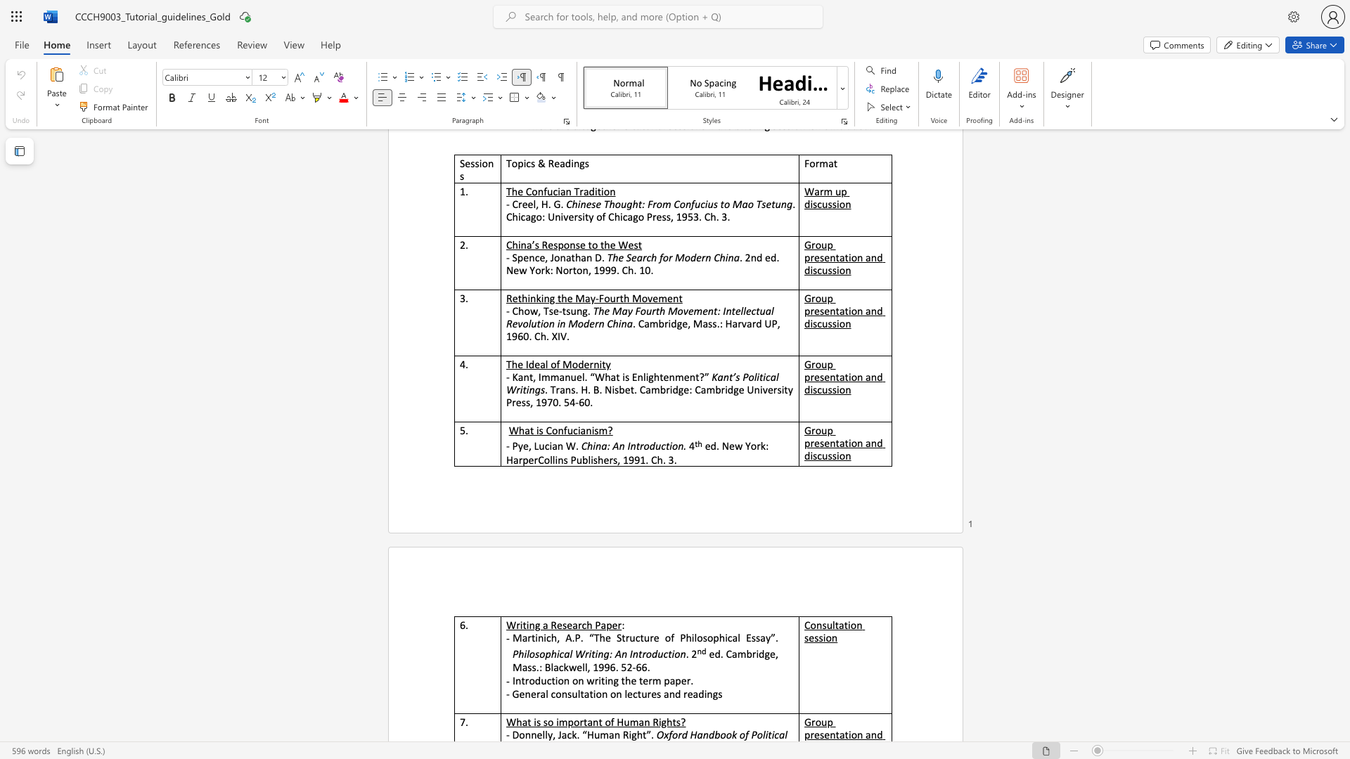 This screenshot has height=759, width=1350. What do you see at coordinates (609, 734) in the screenshot?
I see `the subset text "an Righ" within the text "- Donnelly, Jack. “Human Right”."` at bounding box center [609, 734].